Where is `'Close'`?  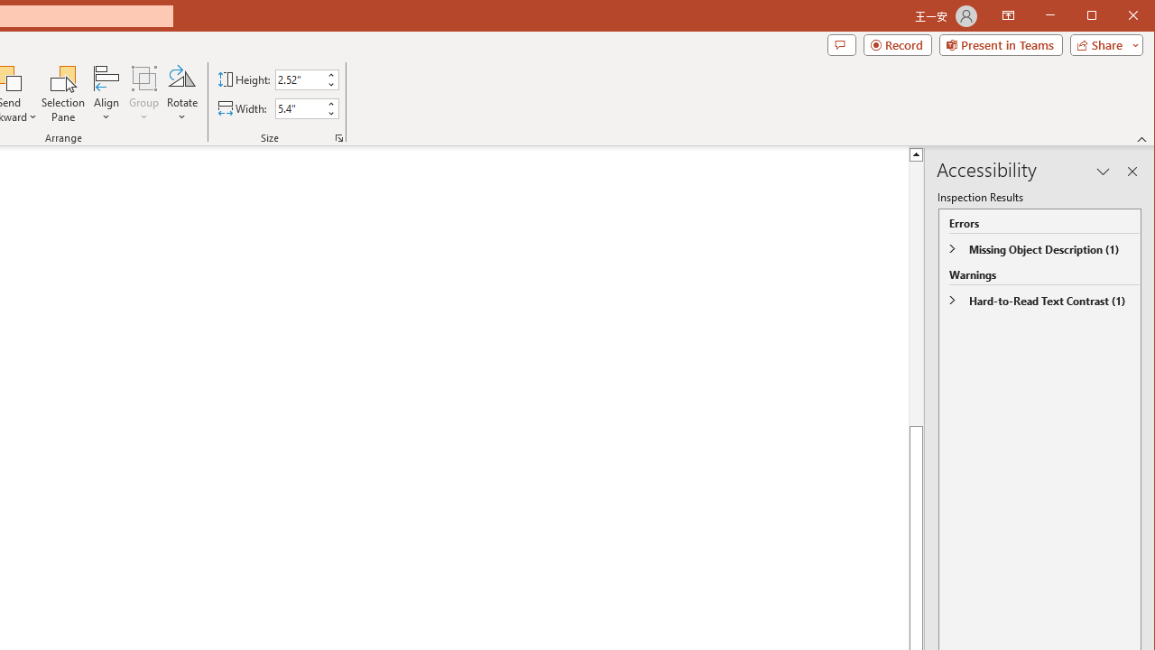
'Close' is located at coordinates (1137, 17).